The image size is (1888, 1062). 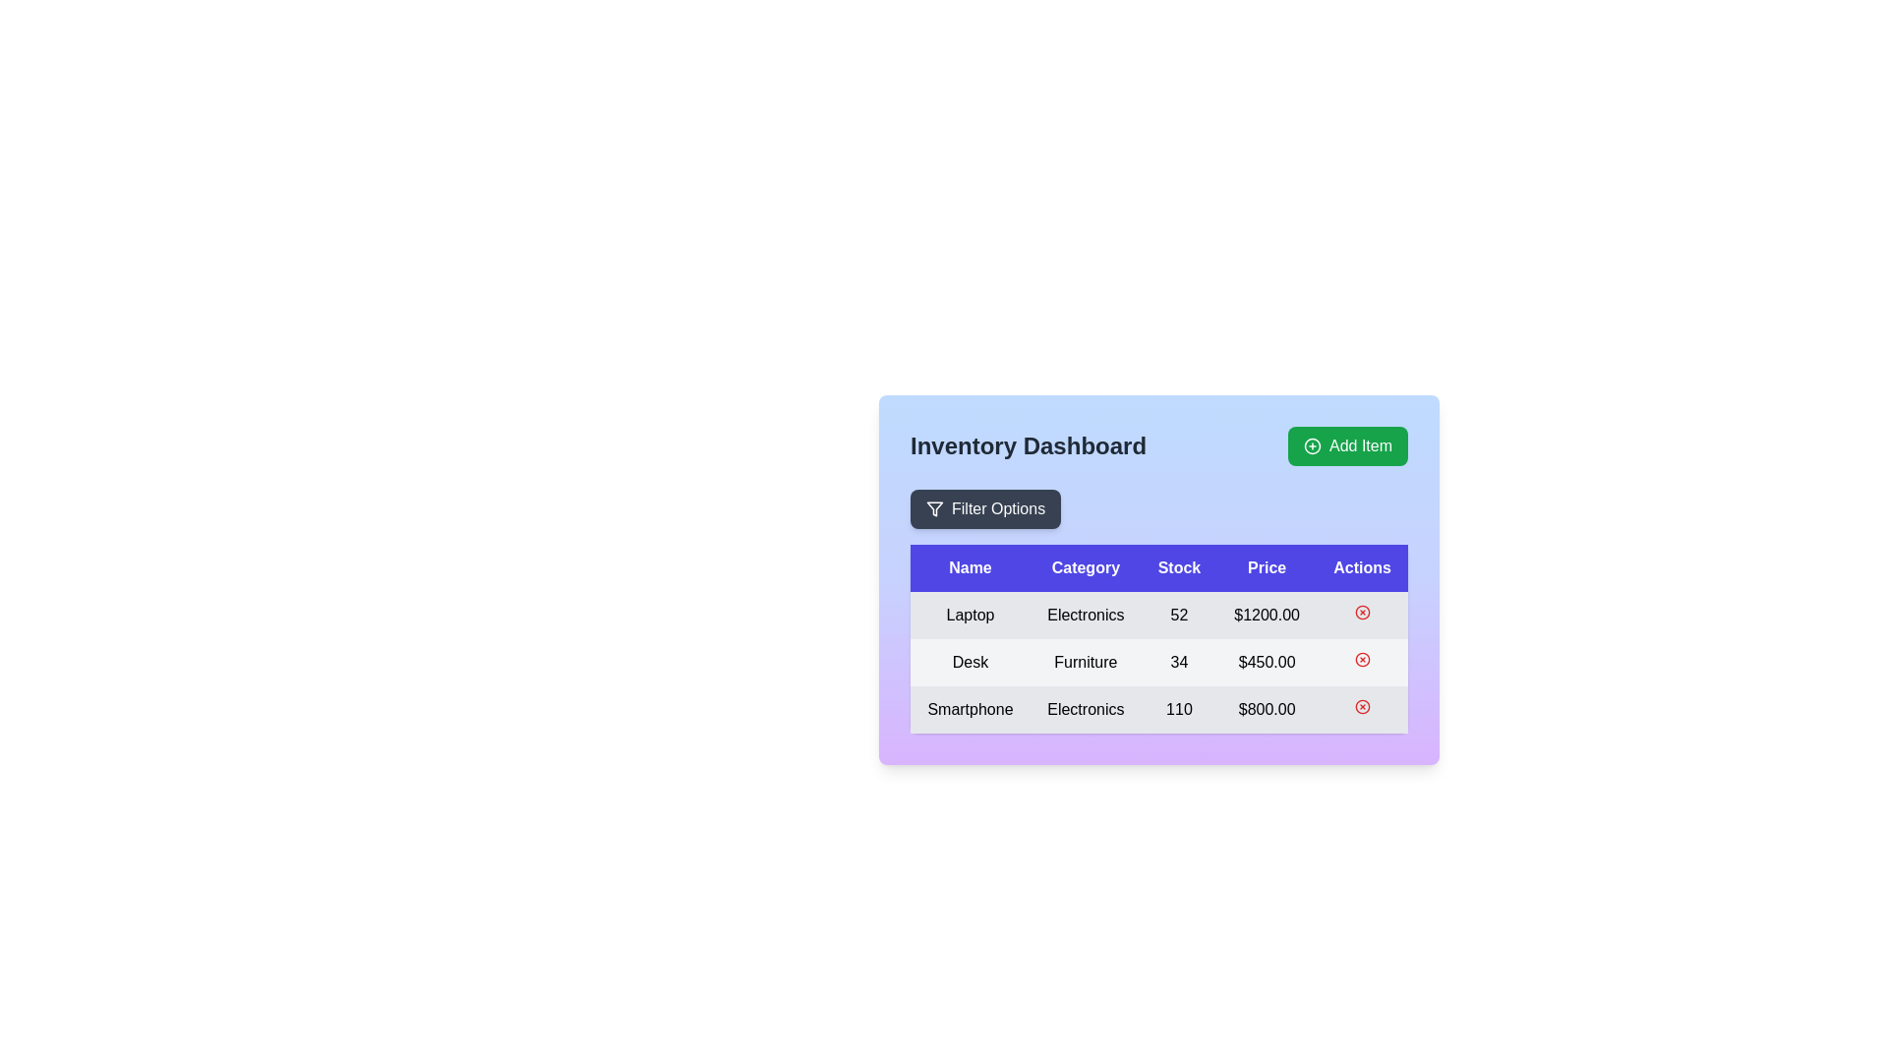 What do you see at coordinates (1179, 663) in the screenshot?
I see `the text displaying the stock count ('34') for the 'Desk' item located in the 'Stock' column of the inventory table` at bounding box center [1179, 663].